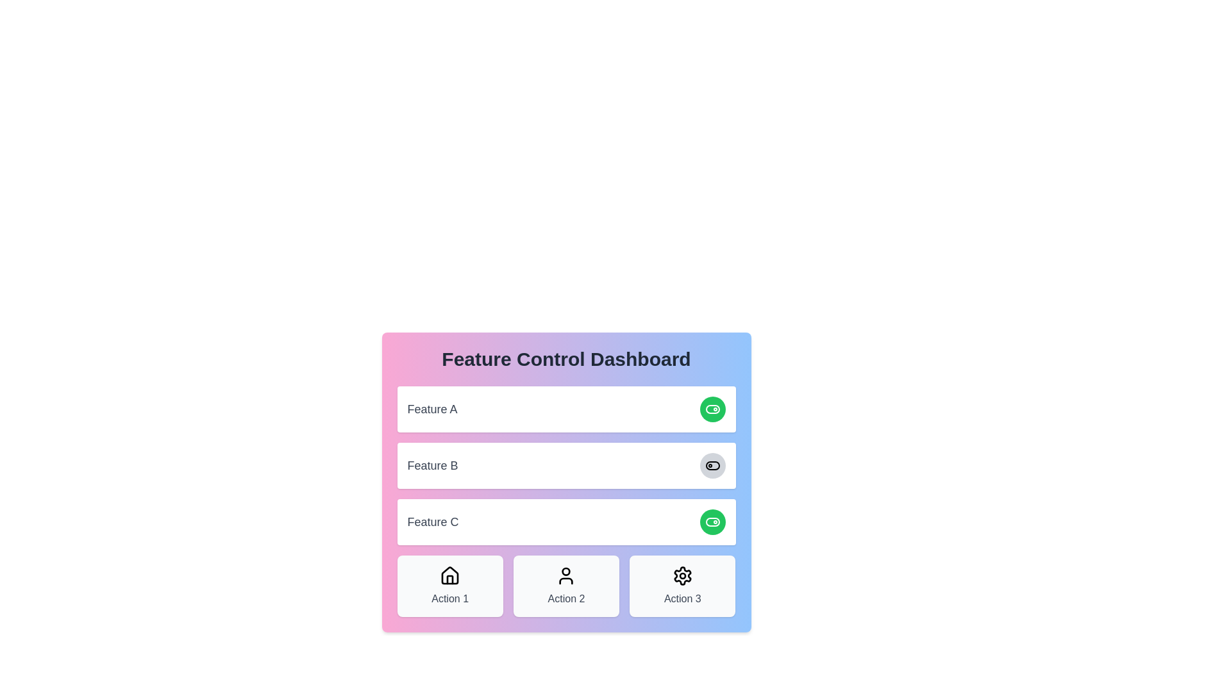 The width and height of the screenshot is (1231, 692). What do you see at coordinates (712, 409) in the screenshot?
I see `the toggle button located on the right side of the first feature row next` at bounding box center [712, 409].